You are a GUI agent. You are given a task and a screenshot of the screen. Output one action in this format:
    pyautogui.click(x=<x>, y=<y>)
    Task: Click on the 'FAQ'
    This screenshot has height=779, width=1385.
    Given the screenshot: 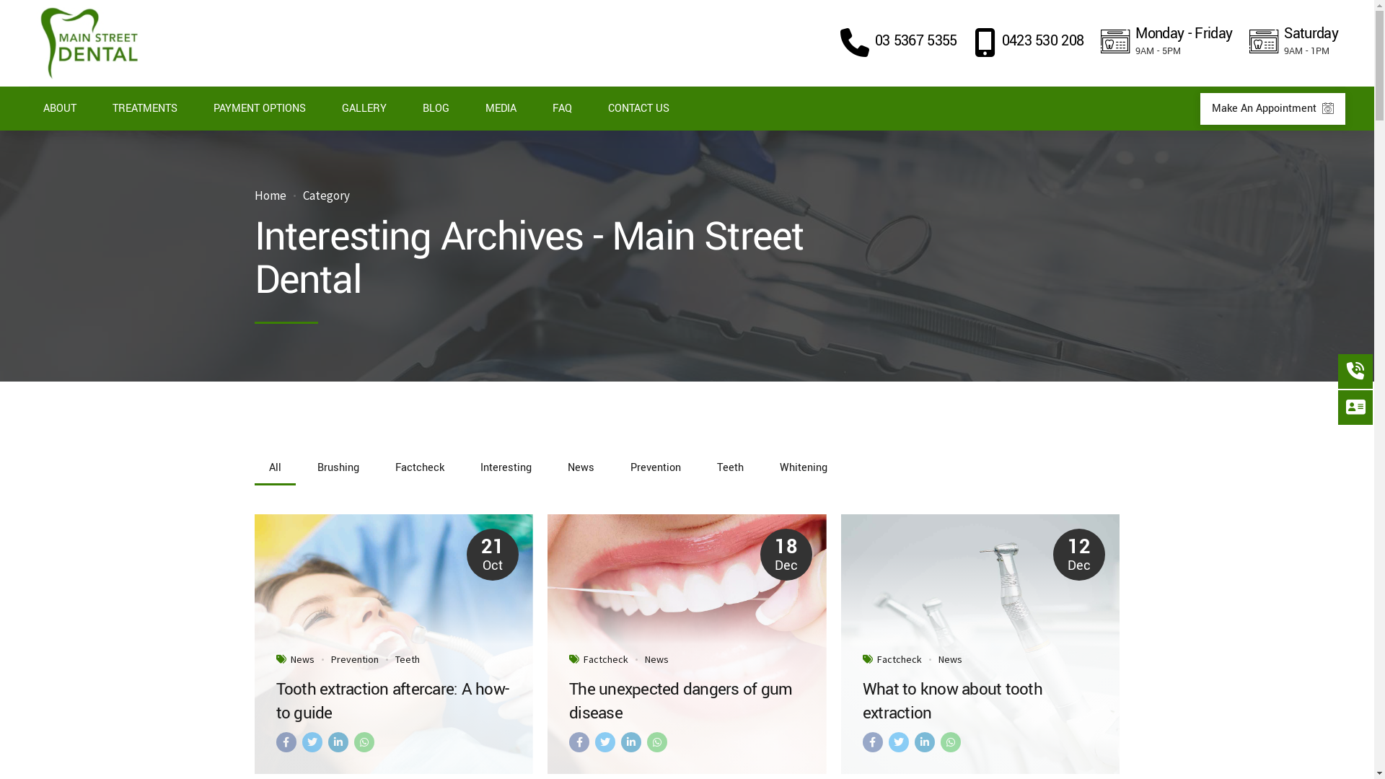 What is the action you would take?
    pyautogui.click(x=561, y=107)
    